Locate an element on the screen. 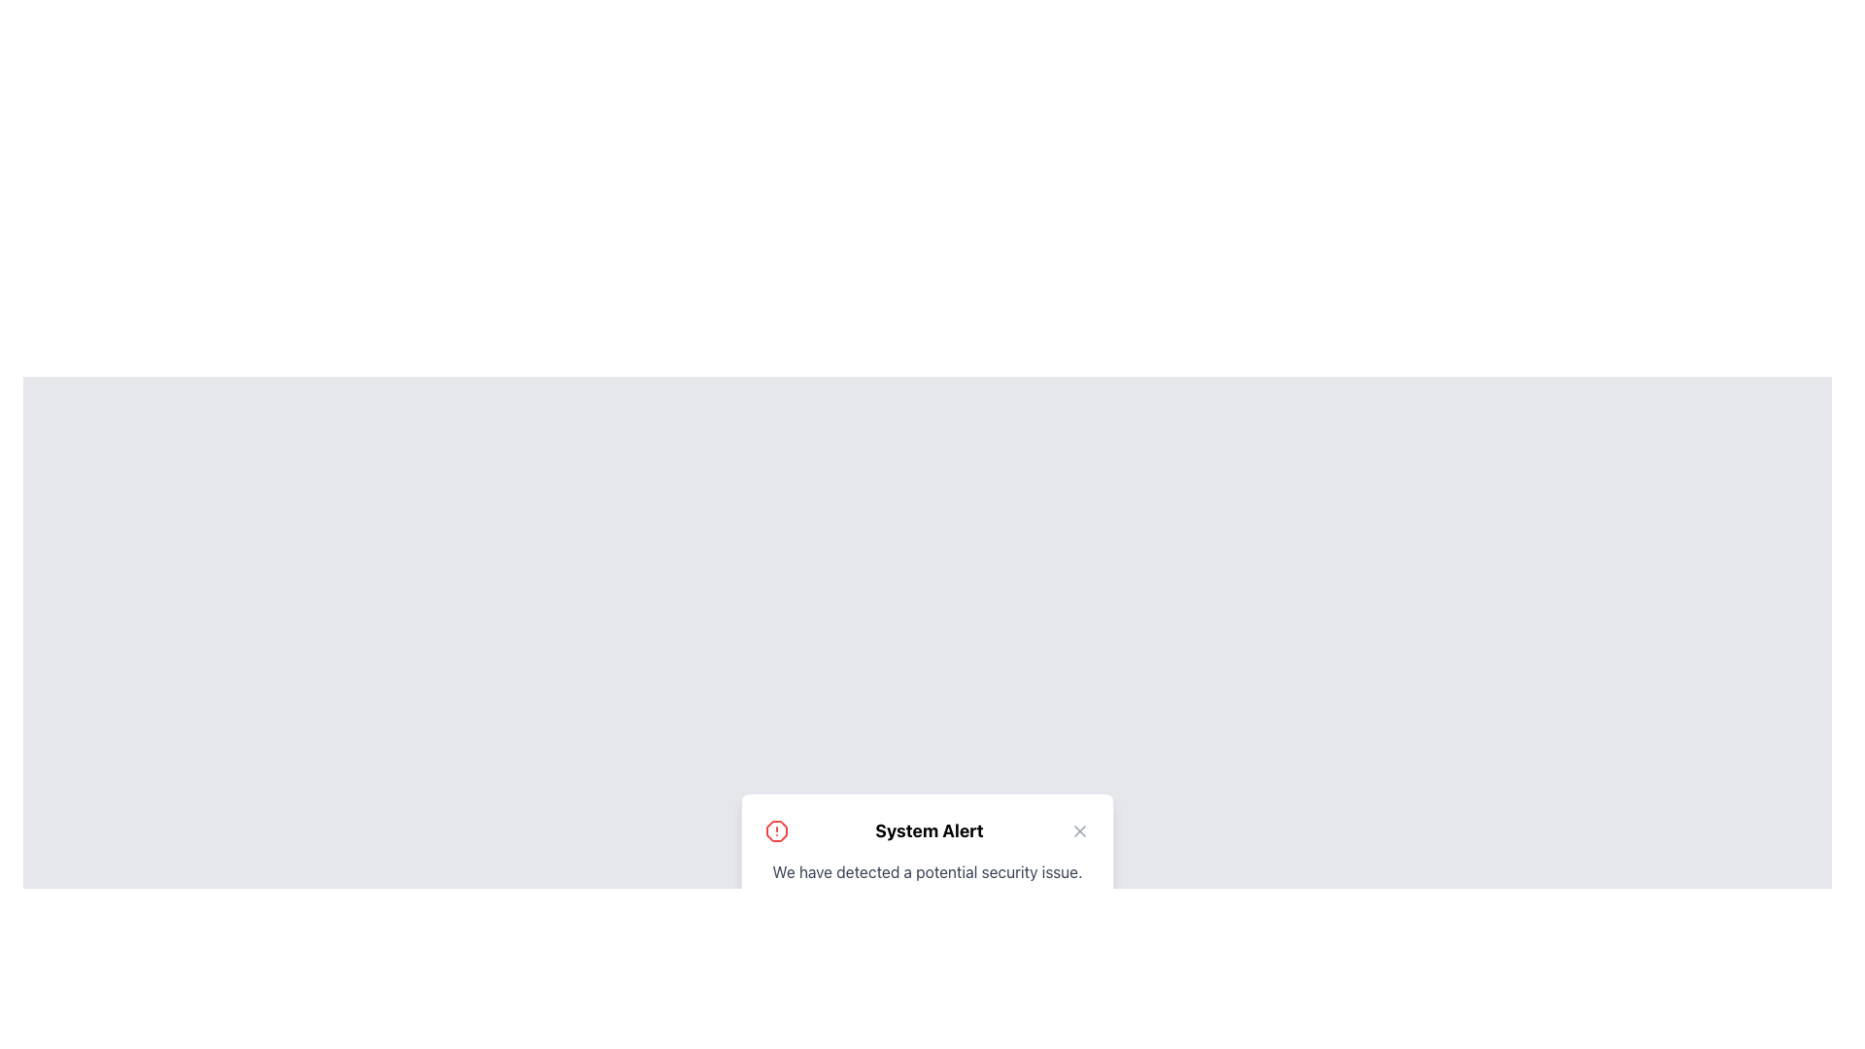 Image resolution: width=1865 pixels, height=1049 pixels. the close button on the right side of the alert box is located at coordinates (1079, 830).